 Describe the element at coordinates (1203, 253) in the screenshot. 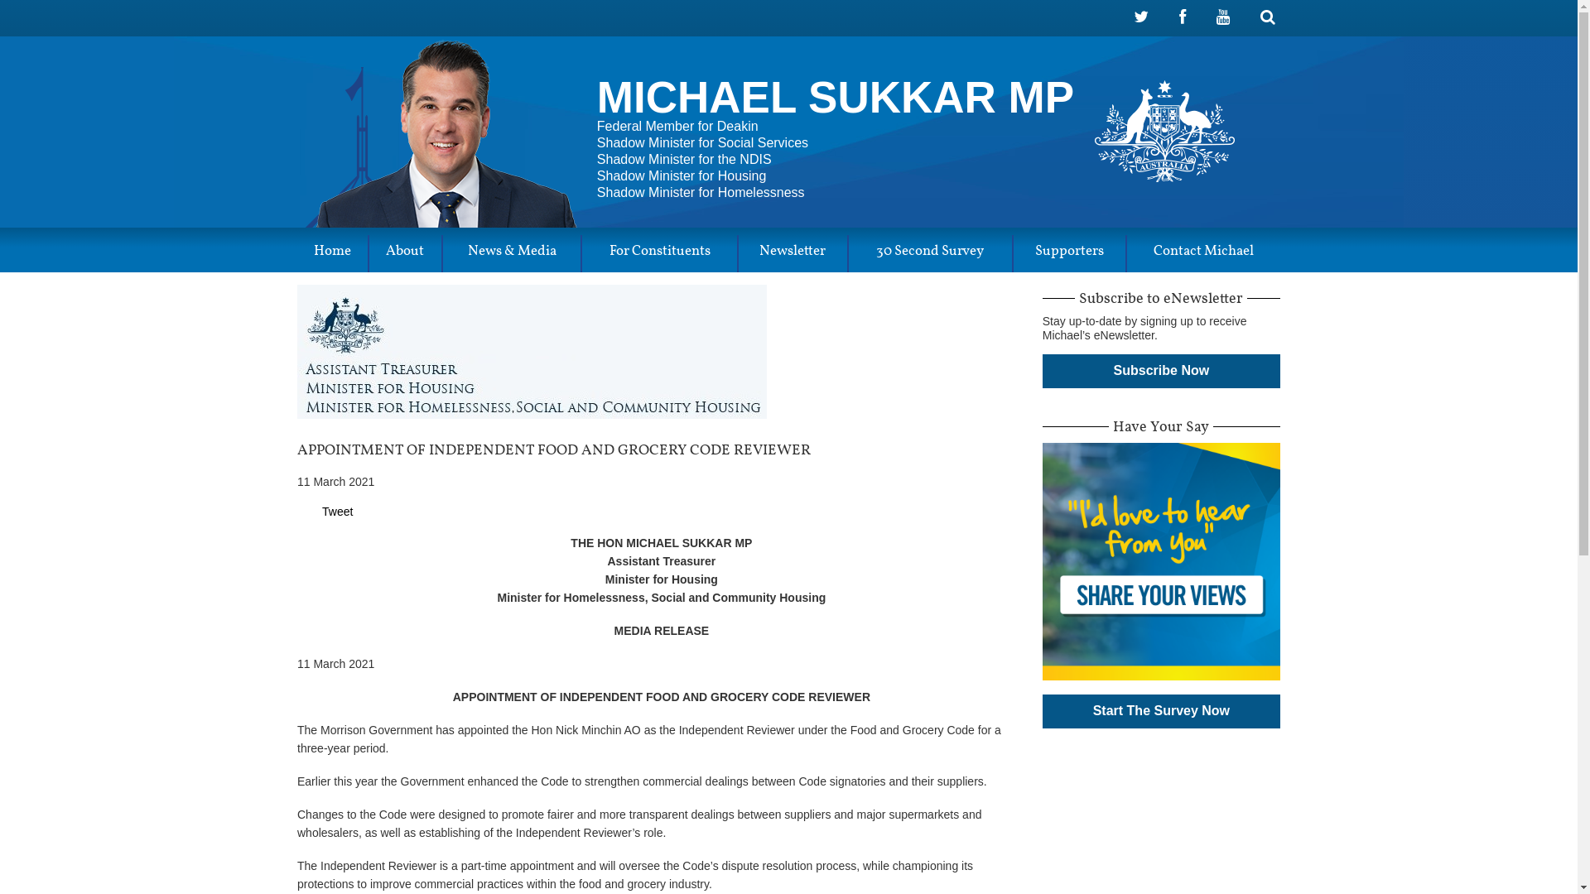

I see `'Contact Michael'` at that location.